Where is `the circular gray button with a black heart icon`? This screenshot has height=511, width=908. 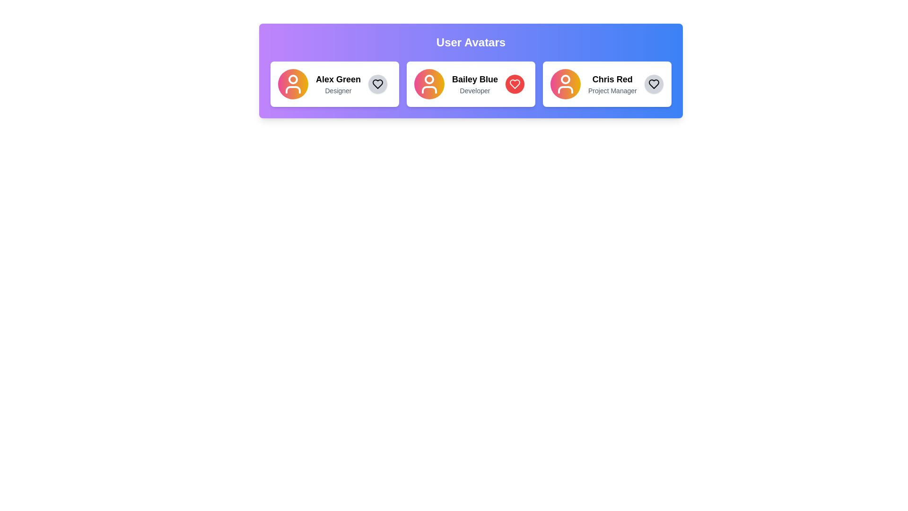 the circular gray button with a black heart icon is located at coordinates (653, 83).